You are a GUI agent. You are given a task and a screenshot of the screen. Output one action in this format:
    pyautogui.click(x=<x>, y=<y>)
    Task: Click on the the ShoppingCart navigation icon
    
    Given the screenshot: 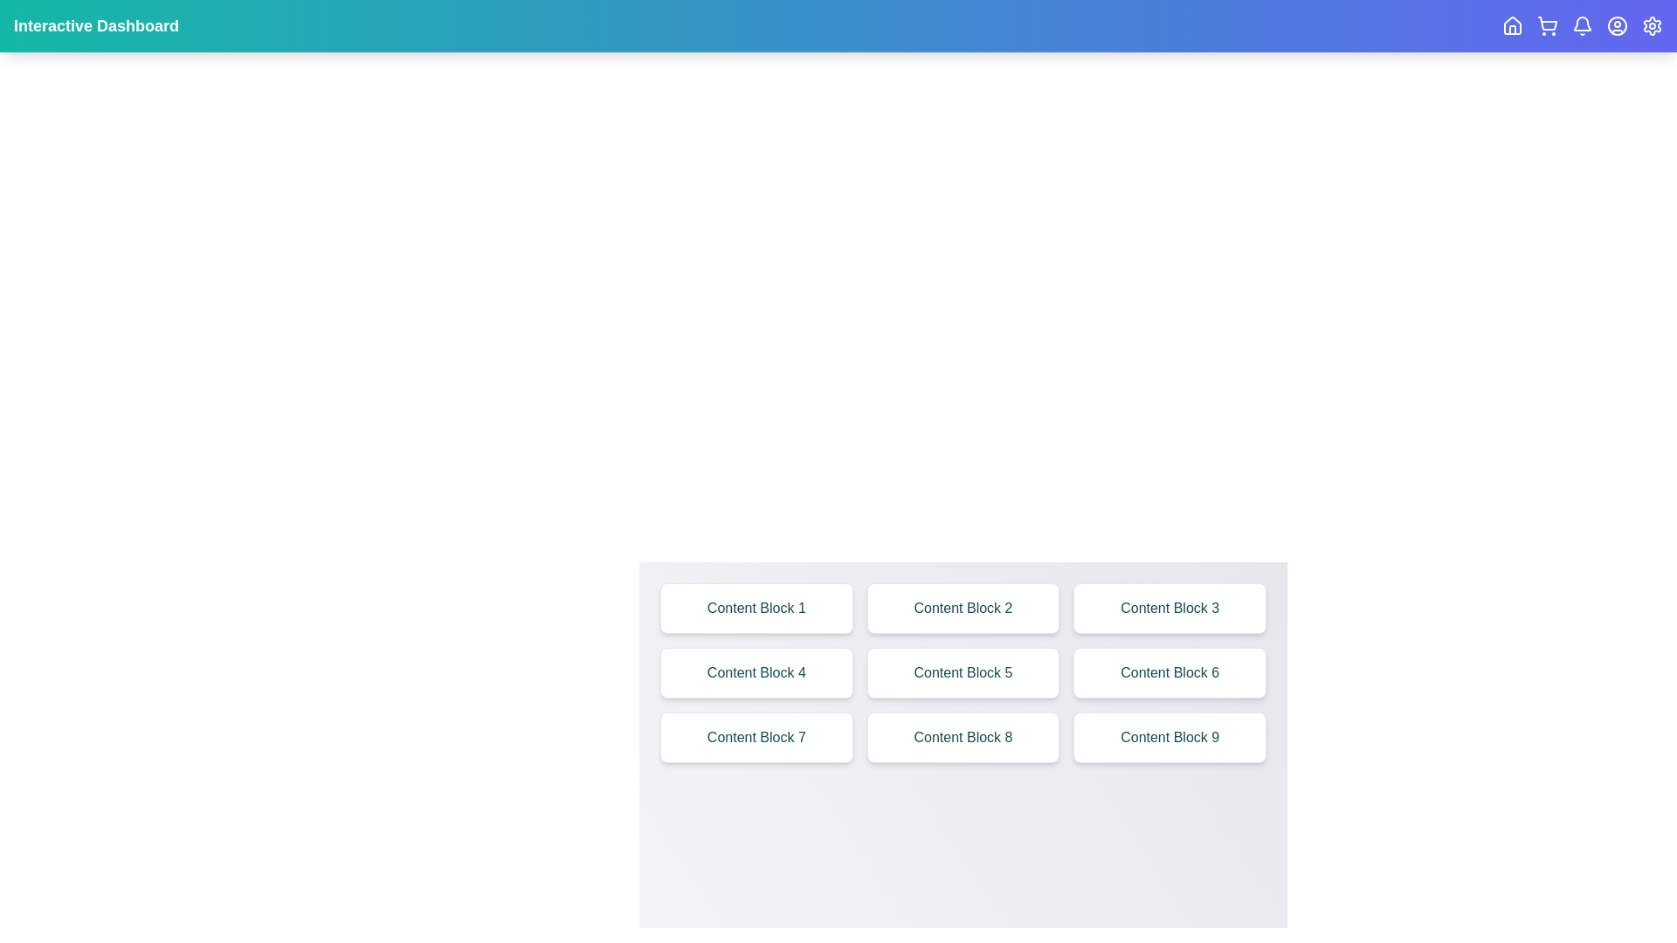 What is the action you would take?
    pyautogui.click(x=1547, y=26)
    